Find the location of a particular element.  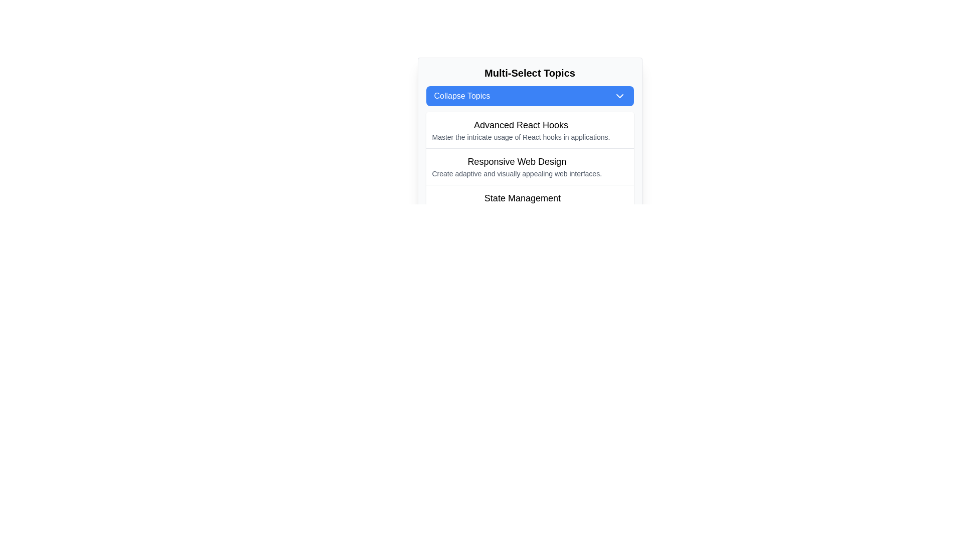

the Text Block that describes 'Responsive Web Design', which is the second item in a vertical list of topics, positioned beneath 'Advanced React Hooks' and above 'State Management' is located at coordinates (517, 166).